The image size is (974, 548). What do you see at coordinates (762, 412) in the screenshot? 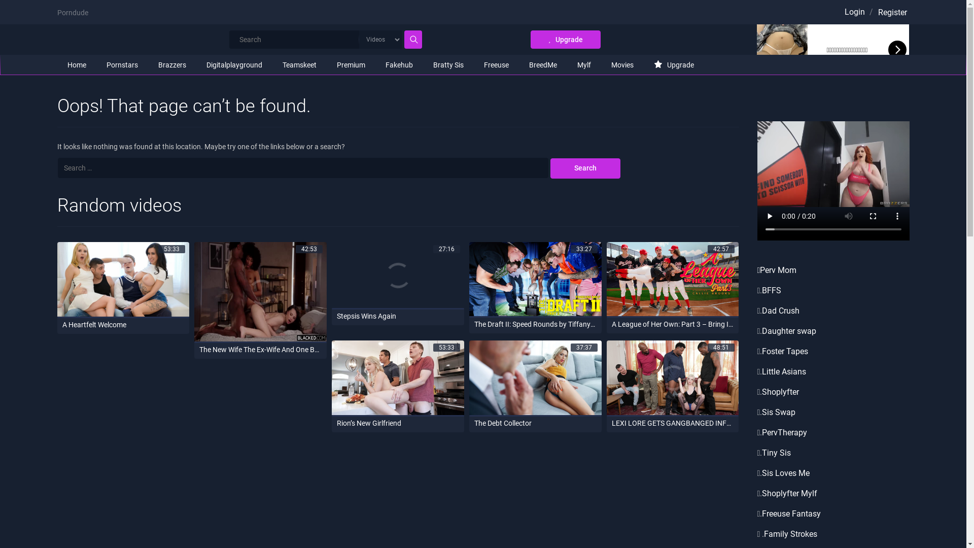
I see `'Sis Swap'` at bounding box center [762, 412].